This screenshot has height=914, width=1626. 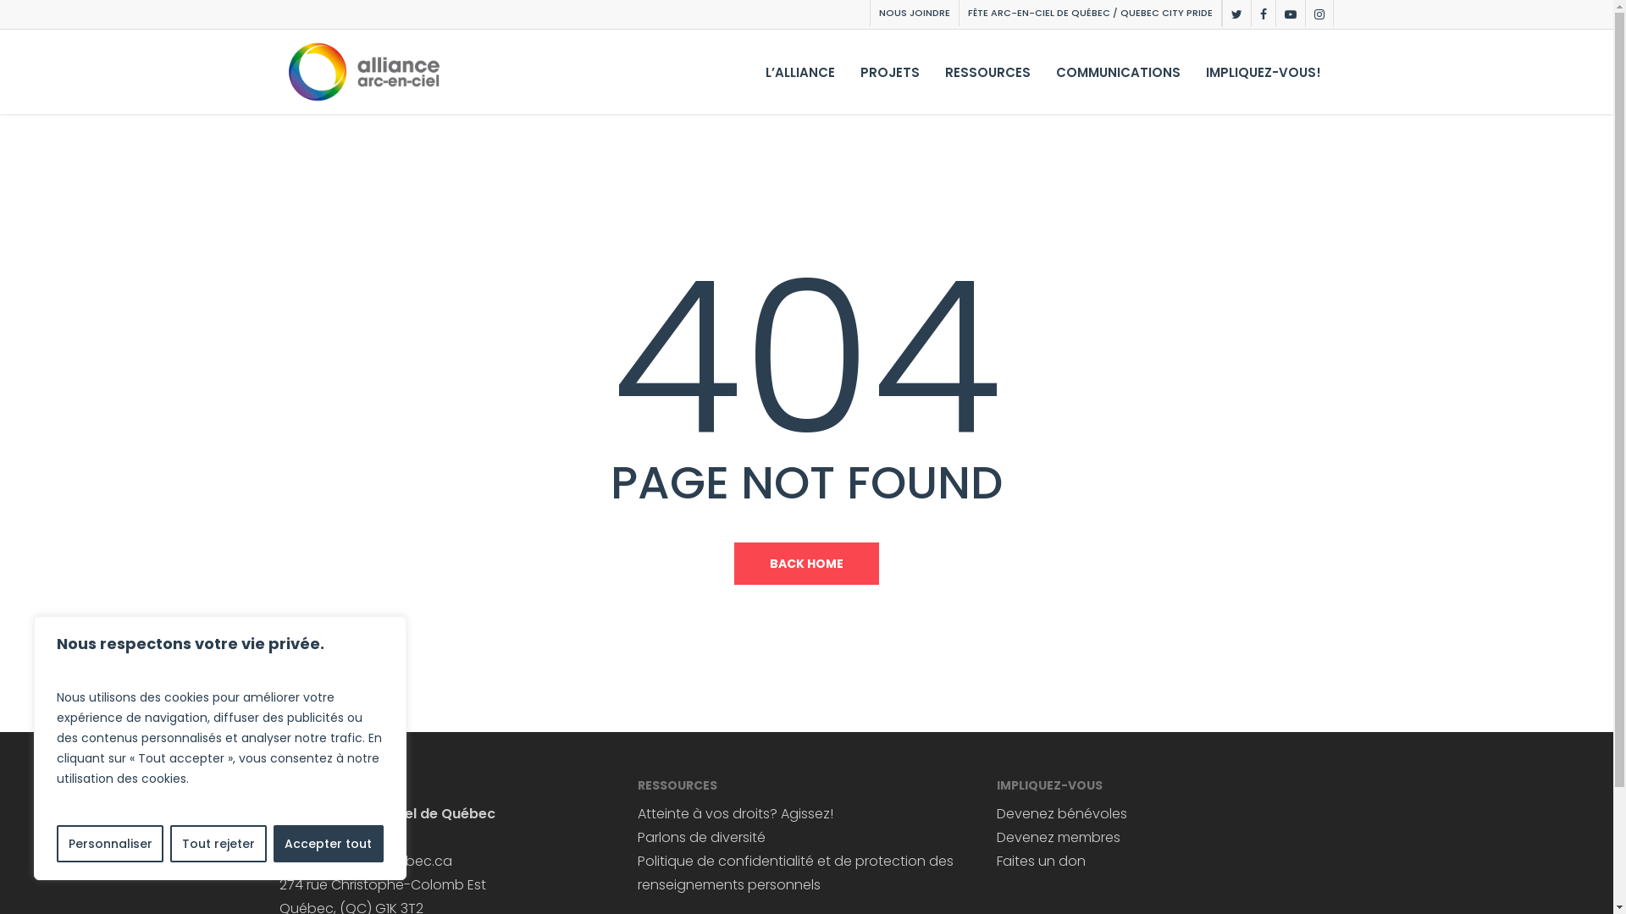 What do you see at coordinates (273, 843) in the screenshot?
I see `'Accepter tout'` at bounding box center [273, 843].